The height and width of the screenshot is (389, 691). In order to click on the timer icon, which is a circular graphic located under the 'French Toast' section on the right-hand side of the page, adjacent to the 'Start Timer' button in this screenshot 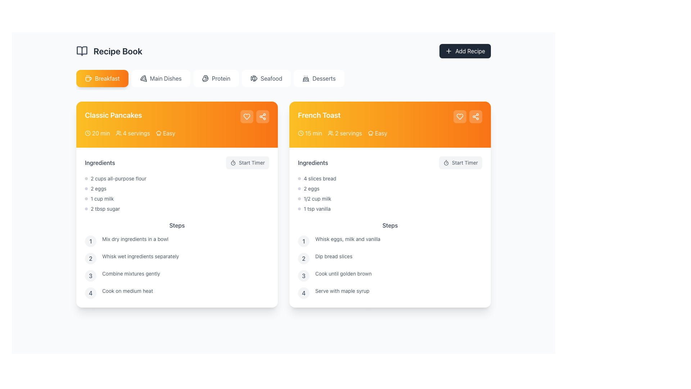, I will do `click(233, 163)`.